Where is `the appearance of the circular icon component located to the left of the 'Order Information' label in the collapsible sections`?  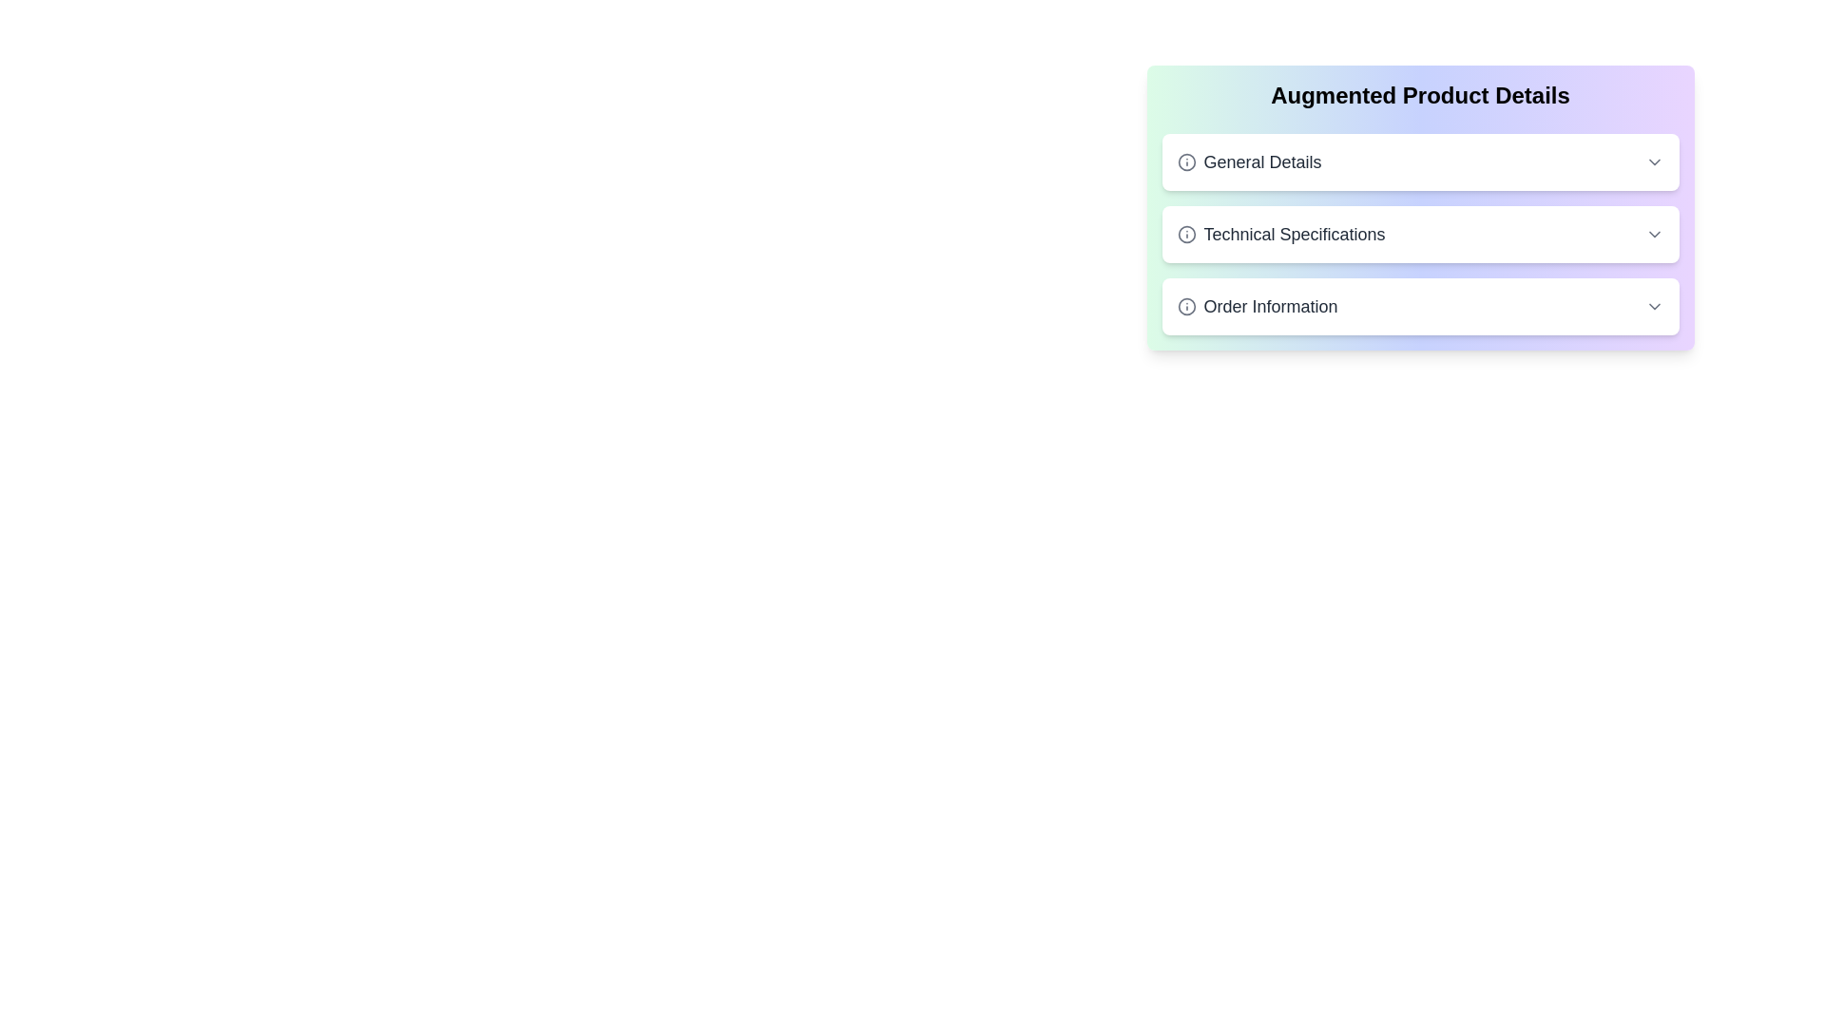
the appearance of the circular icon component located to the left of the 'Order Information' label in the collapsible sections is located at coordinates (1185, 306).